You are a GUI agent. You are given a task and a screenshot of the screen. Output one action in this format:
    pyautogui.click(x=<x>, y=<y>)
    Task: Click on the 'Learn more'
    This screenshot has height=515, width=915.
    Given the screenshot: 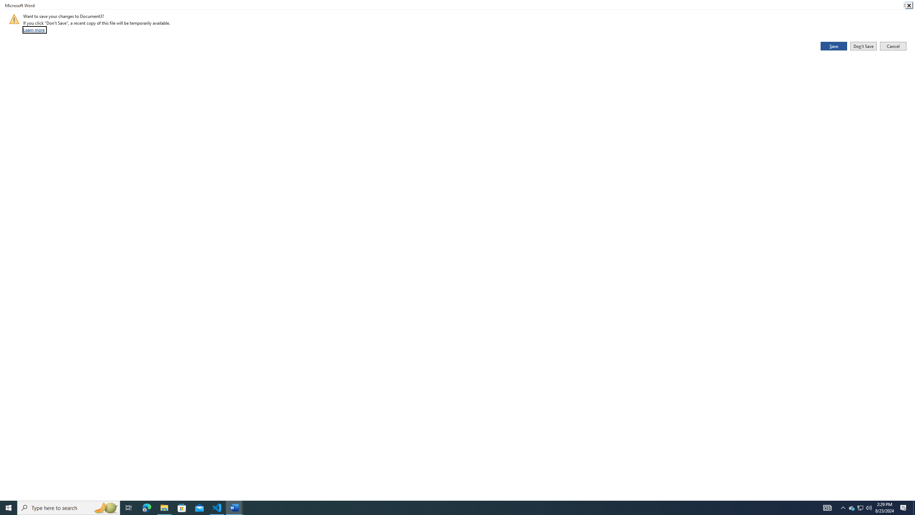 What is the action you would take?
    pyautogui.click(x=34, y=30)
    